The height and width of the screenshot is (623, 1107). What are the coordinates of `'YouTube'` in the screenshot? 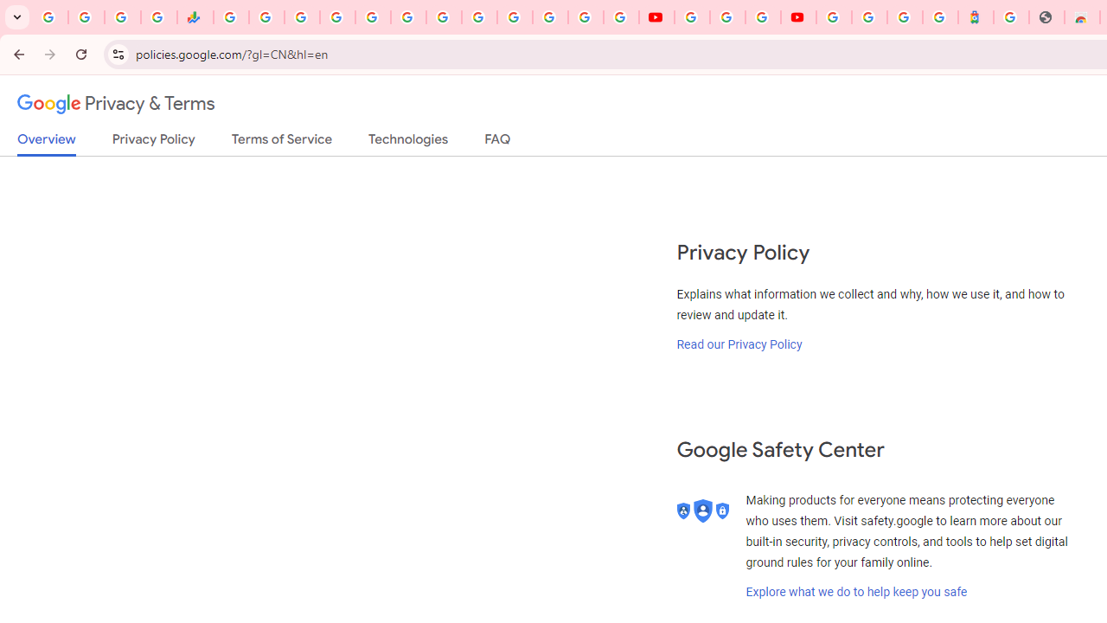 It's located at (656, 17).